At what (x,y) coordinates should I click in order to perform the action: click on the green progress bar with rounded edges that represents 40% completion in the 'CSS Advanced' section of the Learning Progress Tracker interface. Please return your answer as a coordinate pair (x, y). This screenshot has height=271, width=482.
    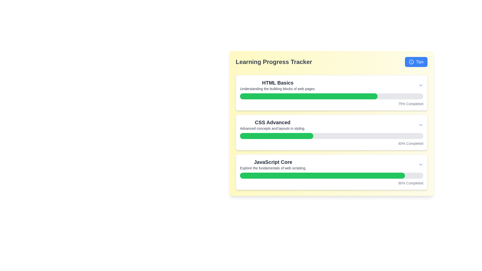
    Looking at the image, I should click on (276, 136).